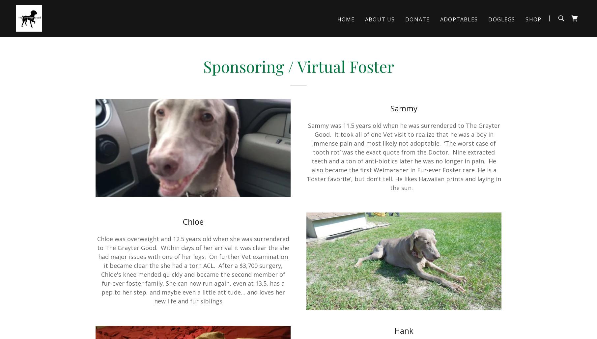 Image resolution: width=597 pixels, height=339 pixels. What do you see at coordinates (298, 66) in the screenshot?
I see `'Sponsoring / Virtual Foster'` at bounding box center [298, 66].